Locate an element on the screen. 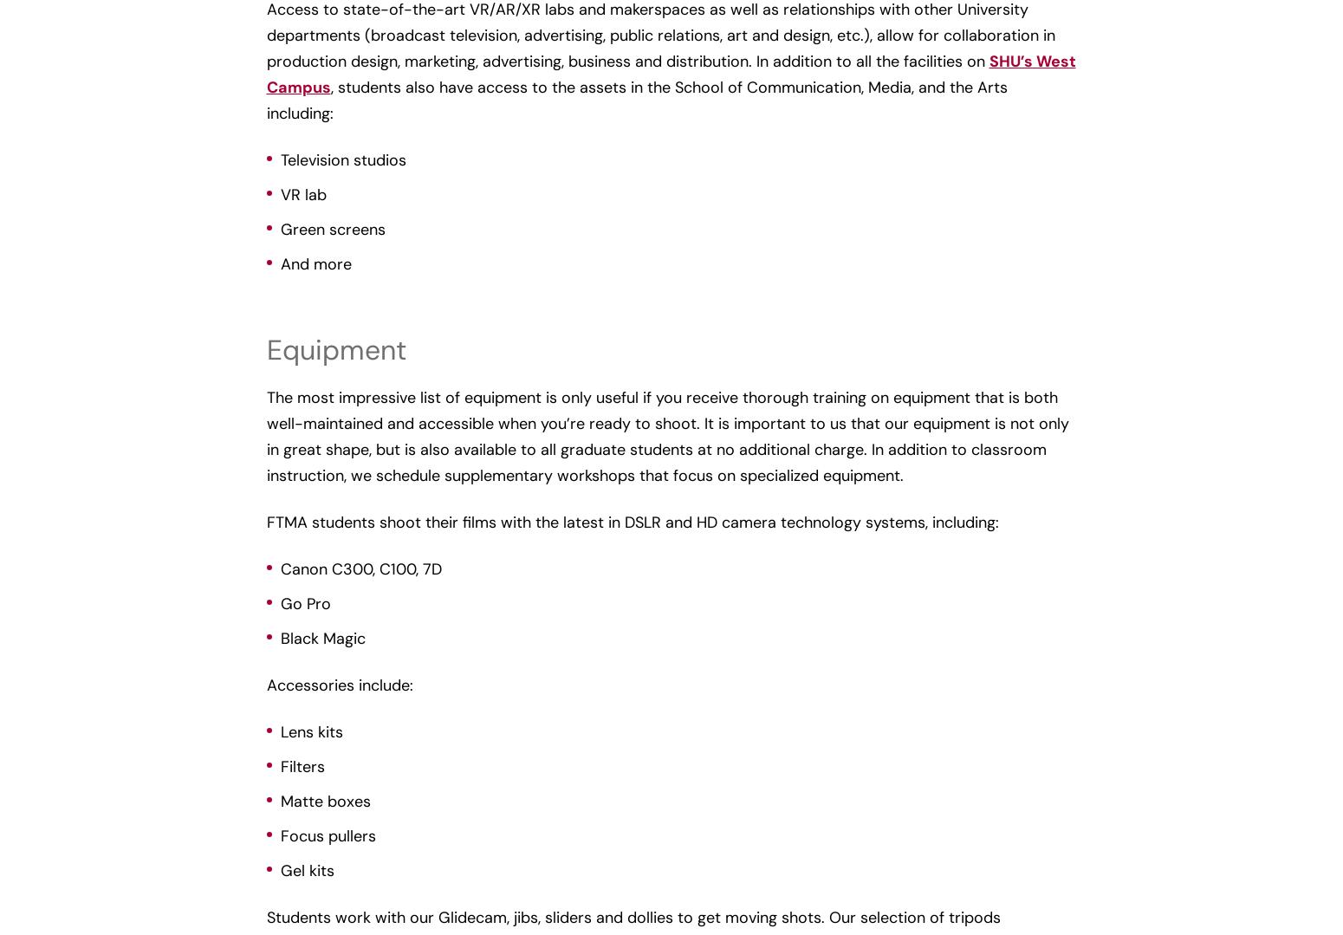 The height and width of the screenshot is (935, 1343). 'SHU’s West Campus' is located at coordinates (671, 74).